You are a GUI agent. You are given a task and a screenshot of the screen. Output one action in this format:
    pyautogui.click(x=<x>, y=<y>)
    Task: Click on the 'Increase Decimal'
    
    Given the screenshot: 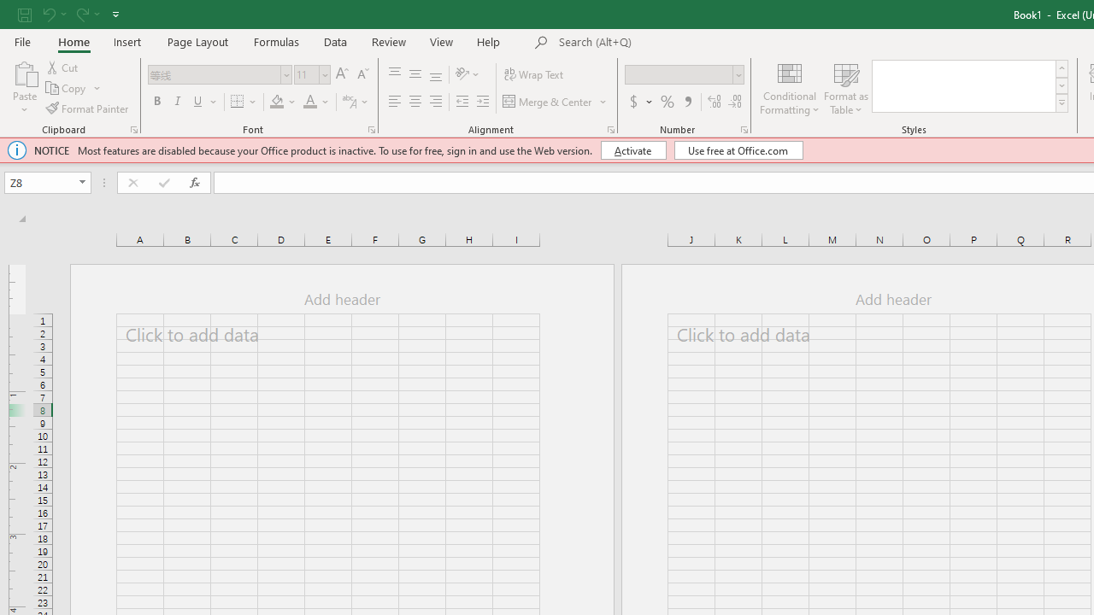 What is the action you would take?
    pyautogui.click(x=715, y=102)
    